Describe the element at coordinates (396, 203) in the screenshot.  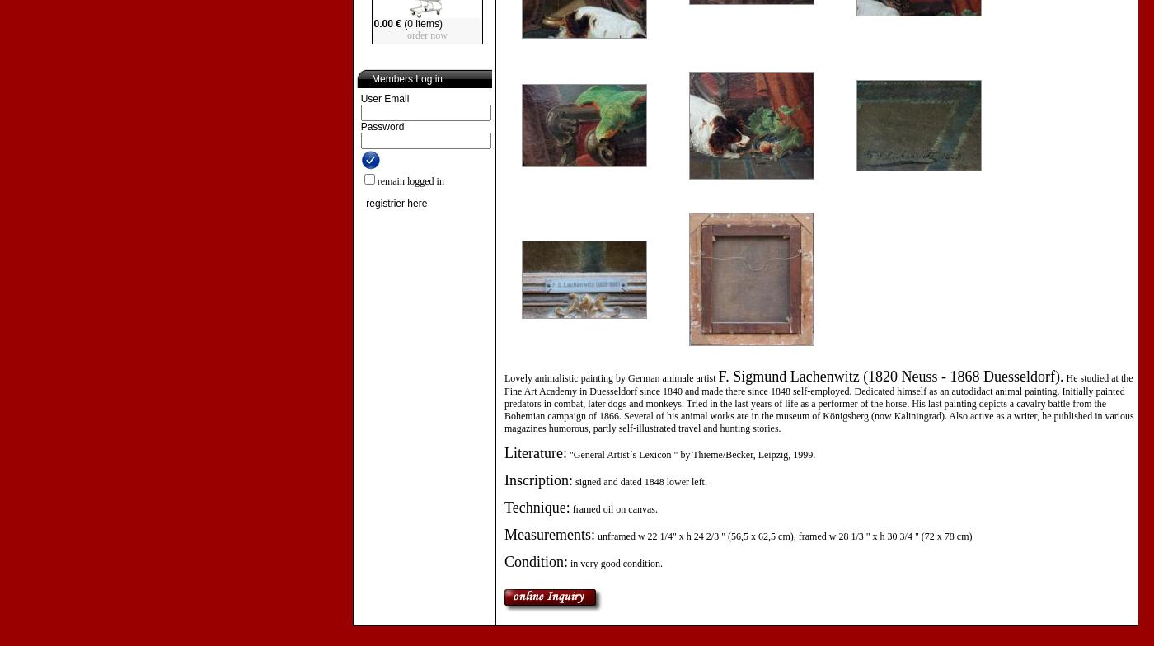
I see `'registrier here'` at that location.